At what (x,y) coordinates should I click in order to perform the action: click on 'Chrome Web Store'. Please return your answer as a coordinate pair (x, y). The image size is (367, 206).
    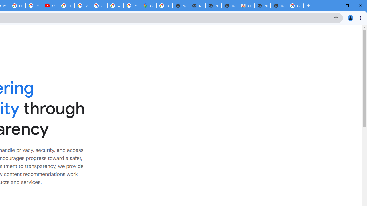
    Looking at the image, I should click on (246, 6).